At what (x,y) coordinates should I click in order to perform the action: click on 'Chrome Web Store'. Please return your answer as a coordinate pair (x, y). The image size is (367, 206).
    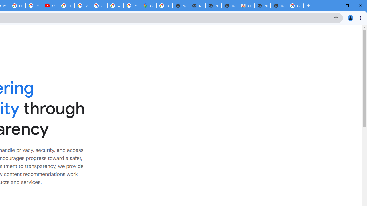
    Looking at the image, I should click on (246, 6).